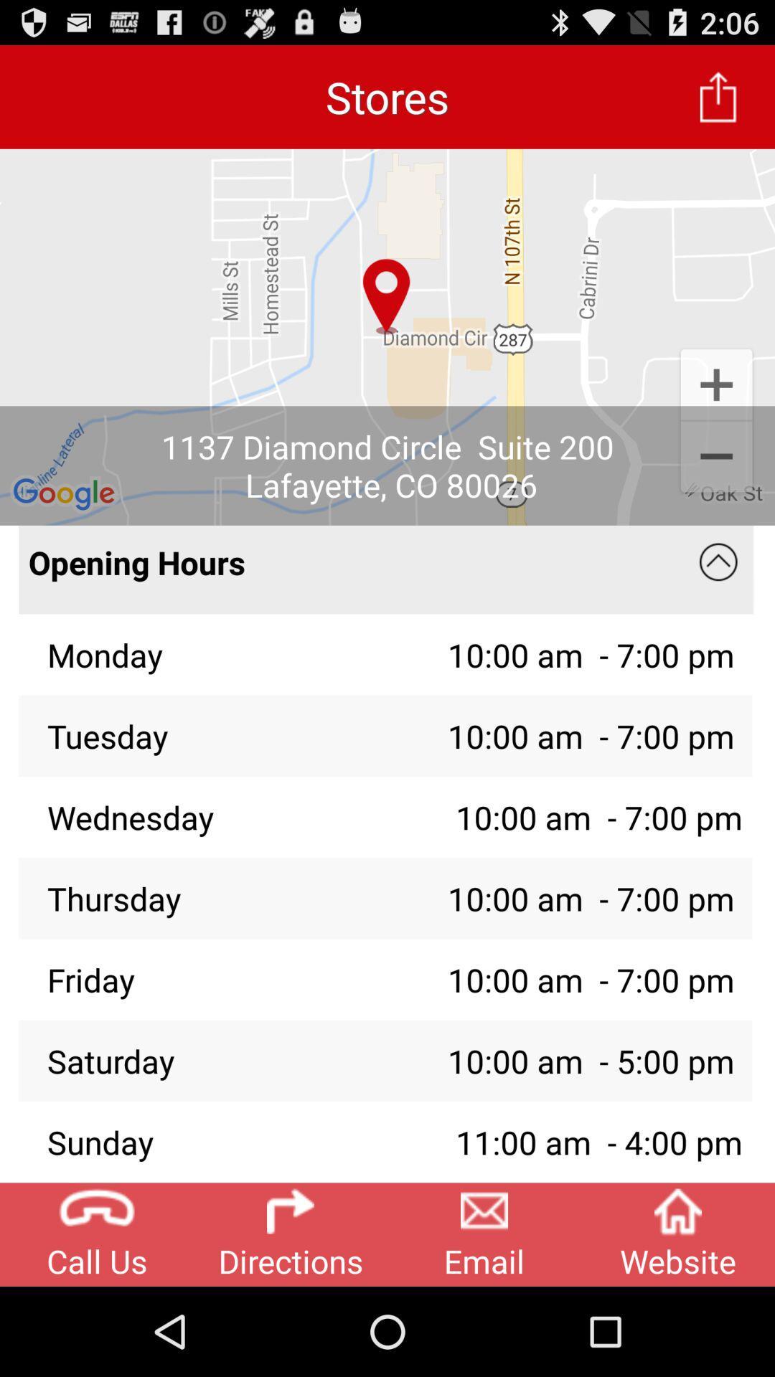 The image size is (775, 1377). I want to click on icon above monday, so click(354, 569).